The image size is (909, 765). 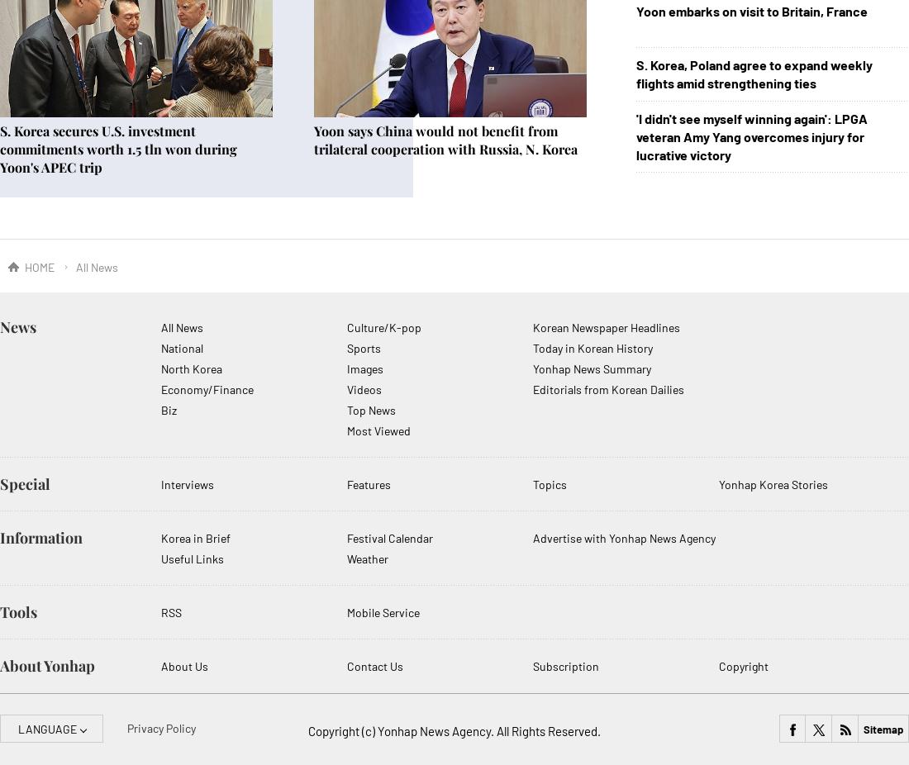 I want to click on 'Useful Links', so click(x=160, y=558).